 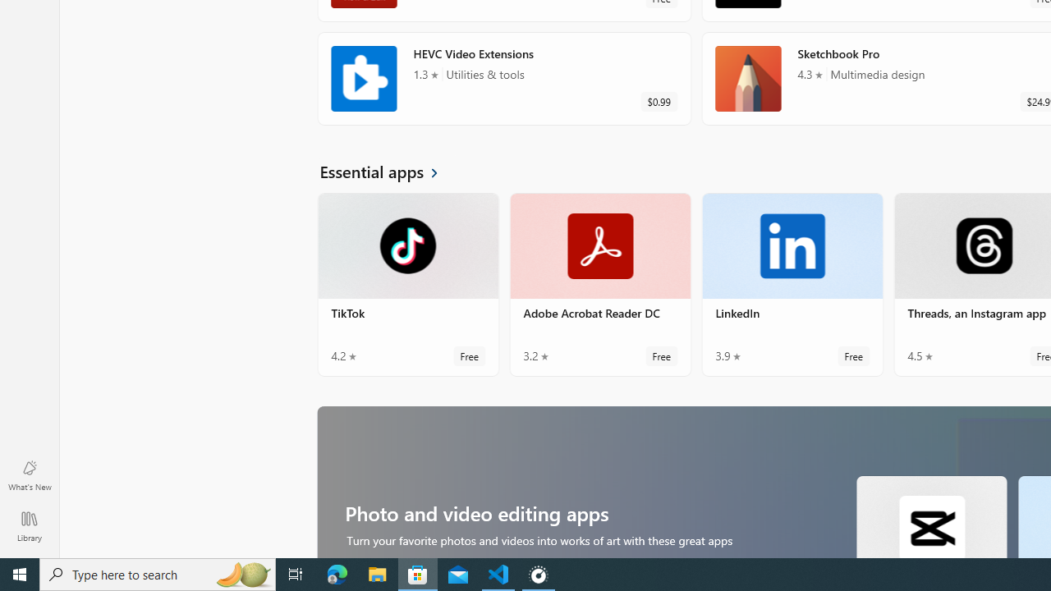 What do you see at coordinates (29, 474) in the screenshot?
I see `'What'` at bounding box center [29, 474].